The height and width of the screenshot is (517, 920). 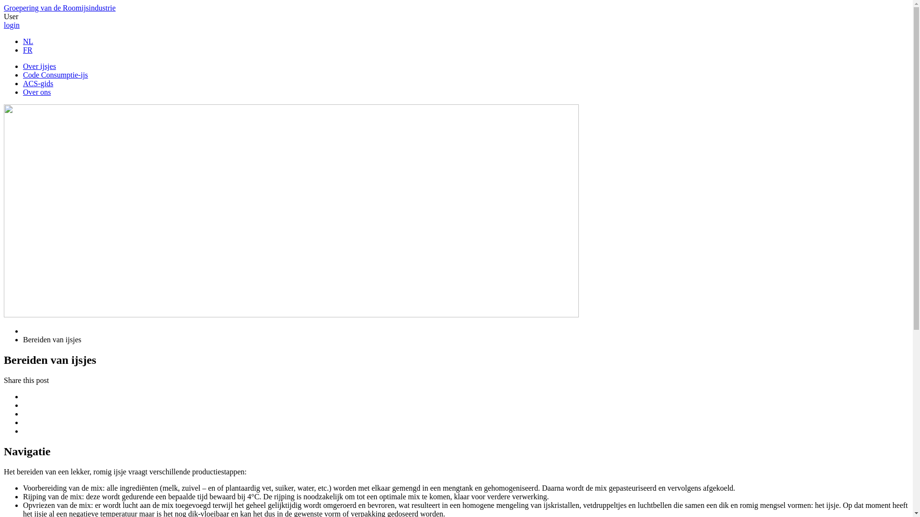 I want to click on 'FR', so click(x=23, y=50).